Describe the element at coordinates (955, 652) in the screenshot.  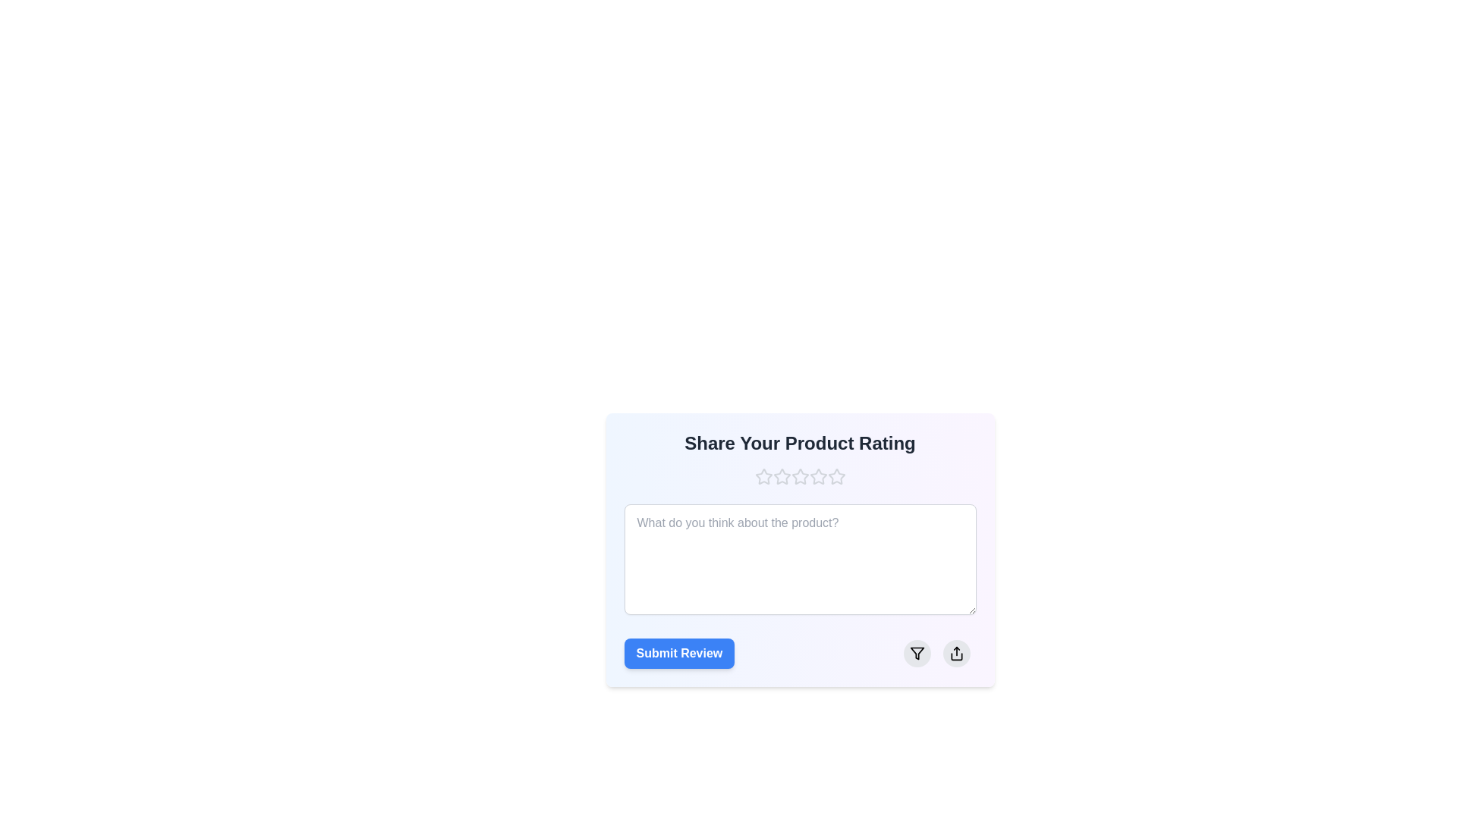
I see `the second button from the right in the horizontal group of buttons near the bottom-right area of the interface` at that location.